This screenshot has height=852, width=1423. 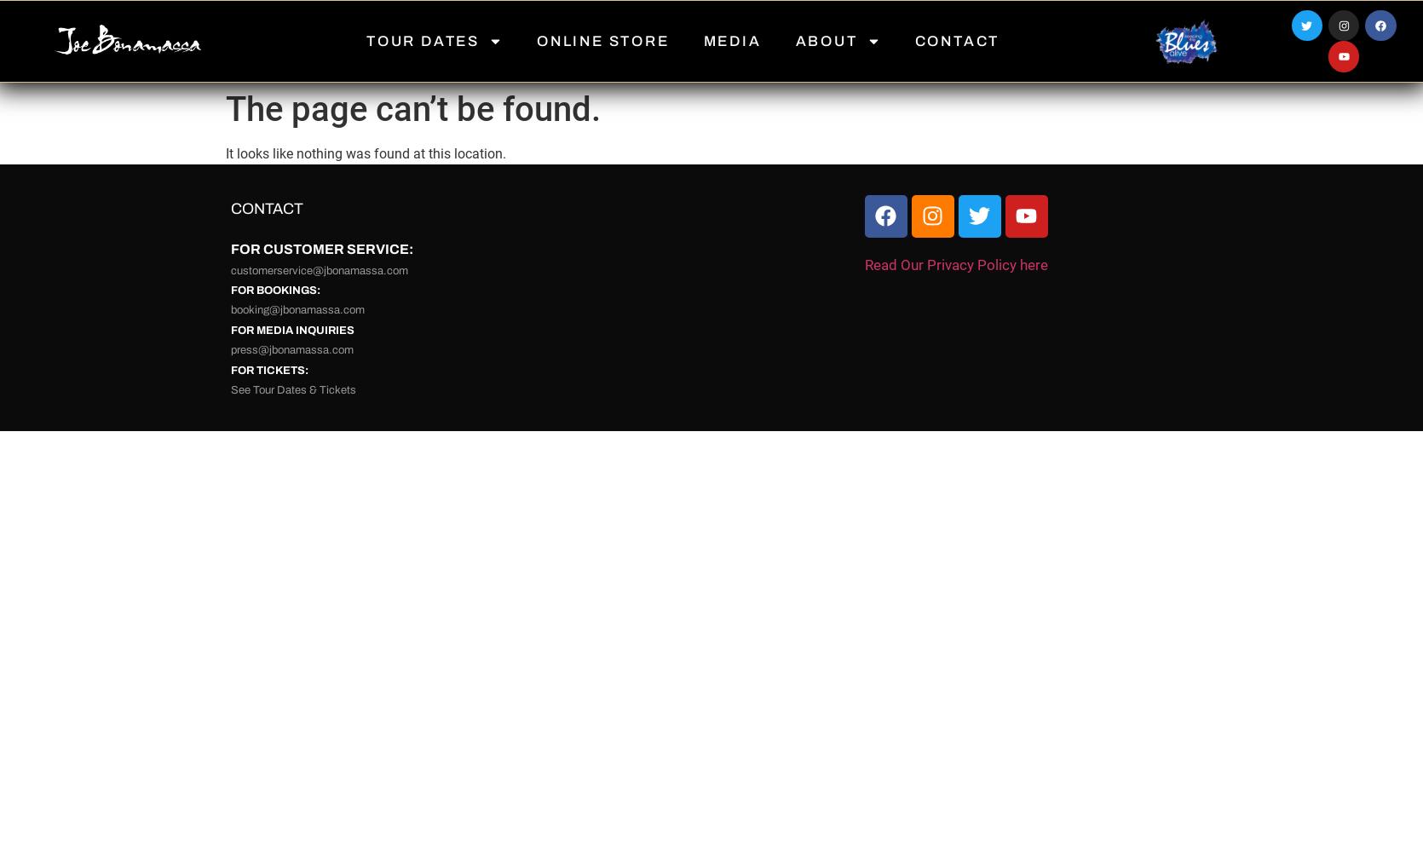 What do you see at coordinates (292, 350) in the screenshot?
I see `'press@jbonamassa.com'` at bounding box center [292, 350].